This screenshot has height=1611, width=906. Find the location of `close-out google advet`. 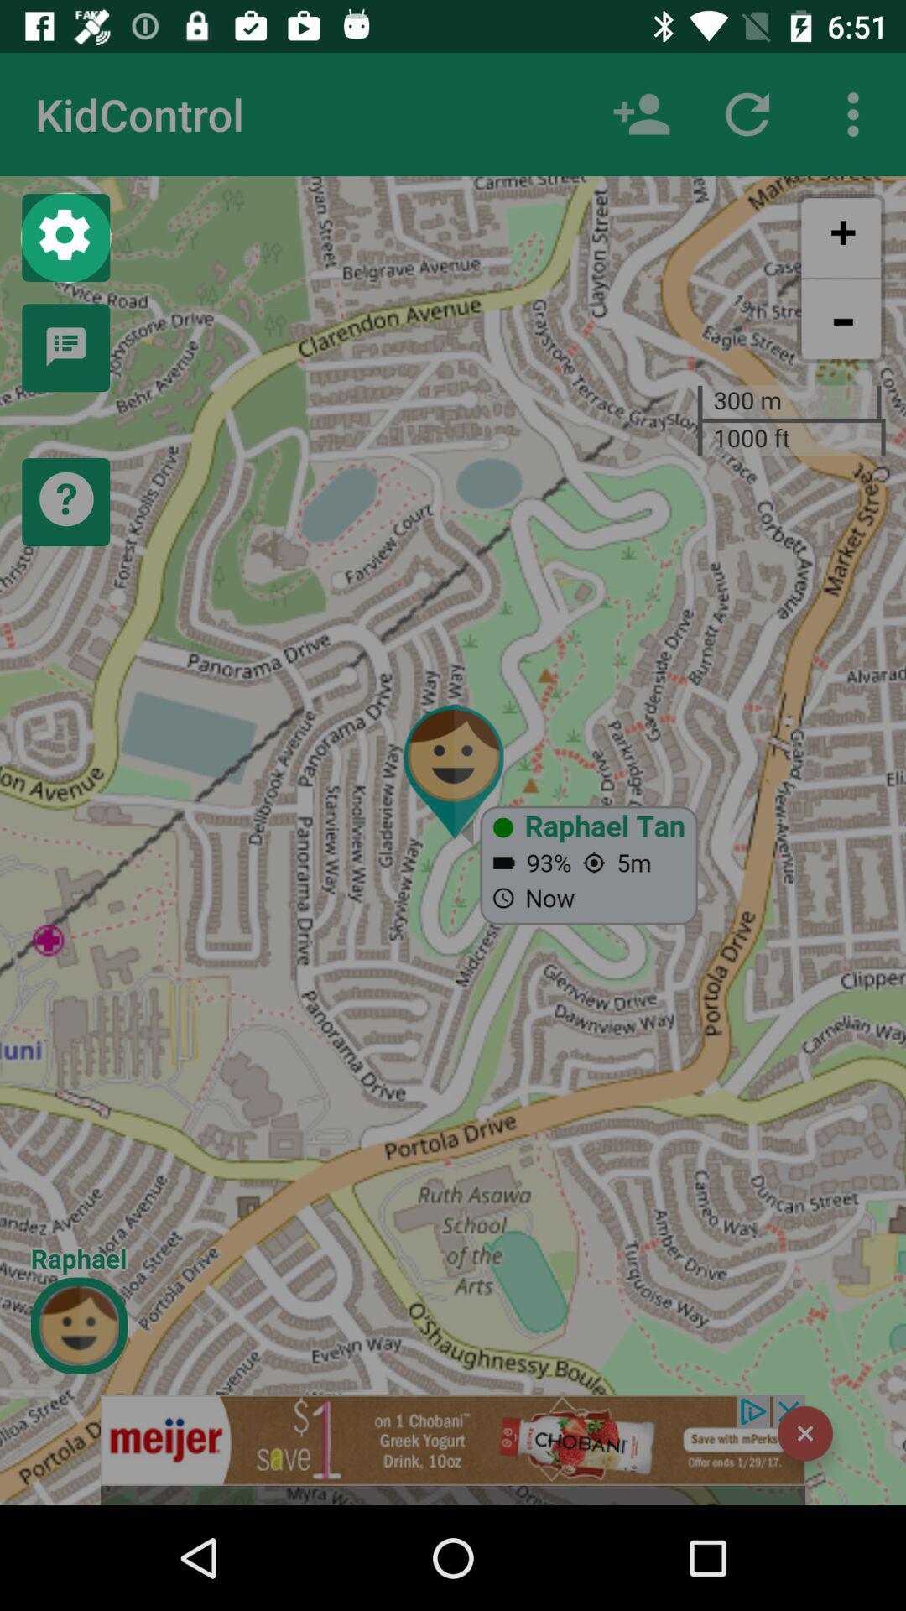

close-out google advet is located at coordinates (804, 1432).